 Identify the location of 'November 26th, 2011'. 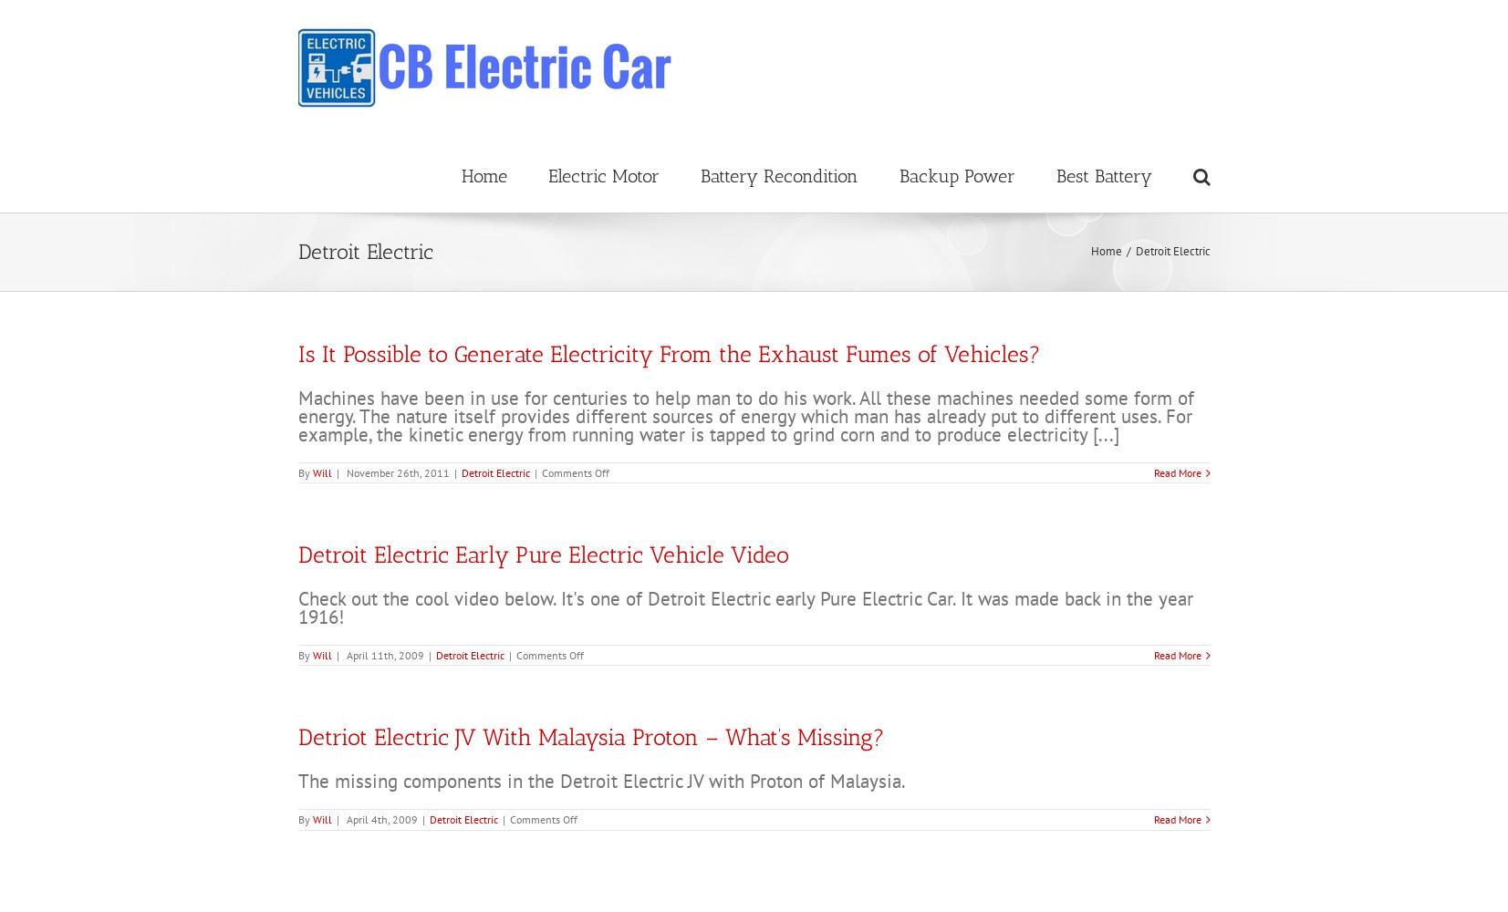
(396, 472).